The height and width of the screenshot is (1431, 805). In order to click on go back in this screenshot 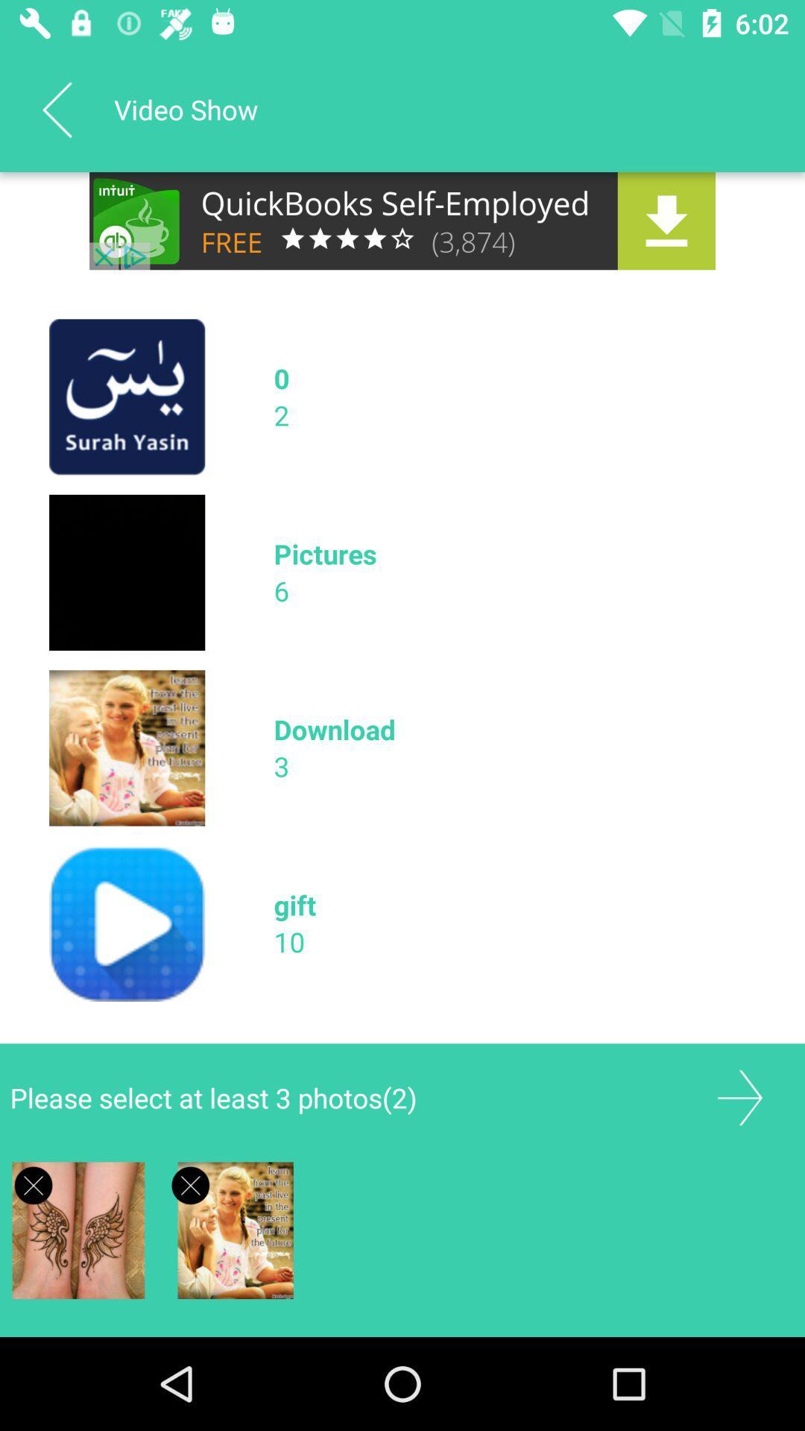, I will do `click(56, 109)`.